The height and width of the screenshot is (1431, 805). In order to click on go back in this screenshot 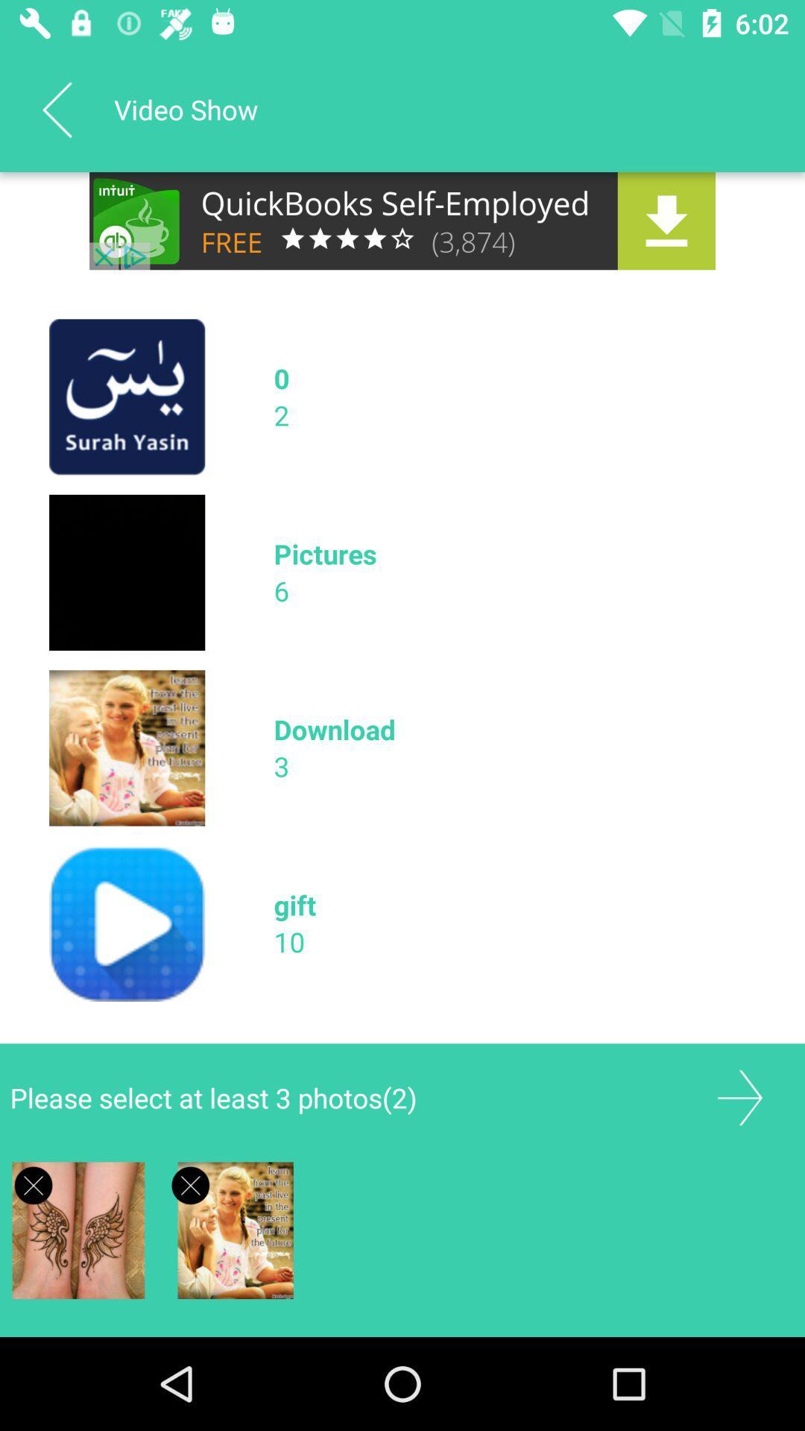, I will do `click(56, 109)`.